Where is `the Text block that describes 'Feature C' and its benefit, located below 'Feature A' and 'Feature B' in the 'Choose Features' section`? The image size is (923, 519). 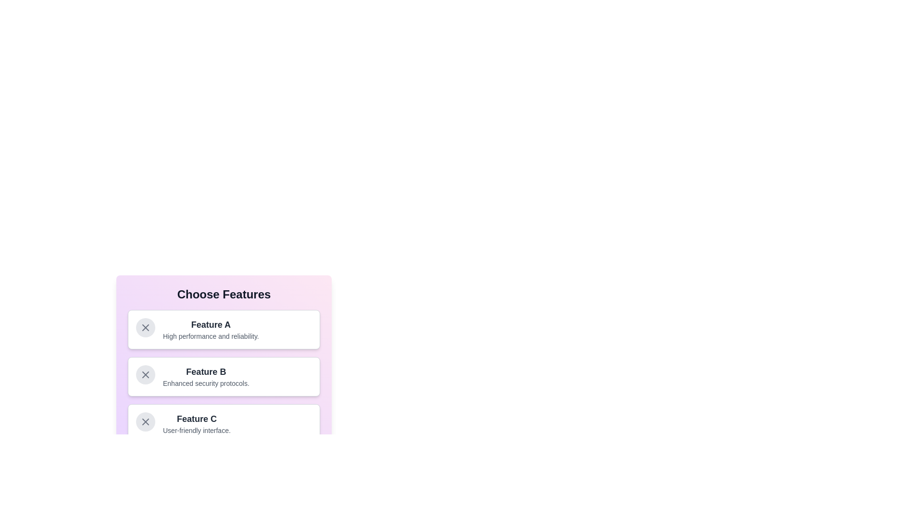 the Text block that describes 'Feature C' and its benefit, located below 'Feature A' and 'Feature B' in the 'Choose Features' section is located at coordinates (196, 423).